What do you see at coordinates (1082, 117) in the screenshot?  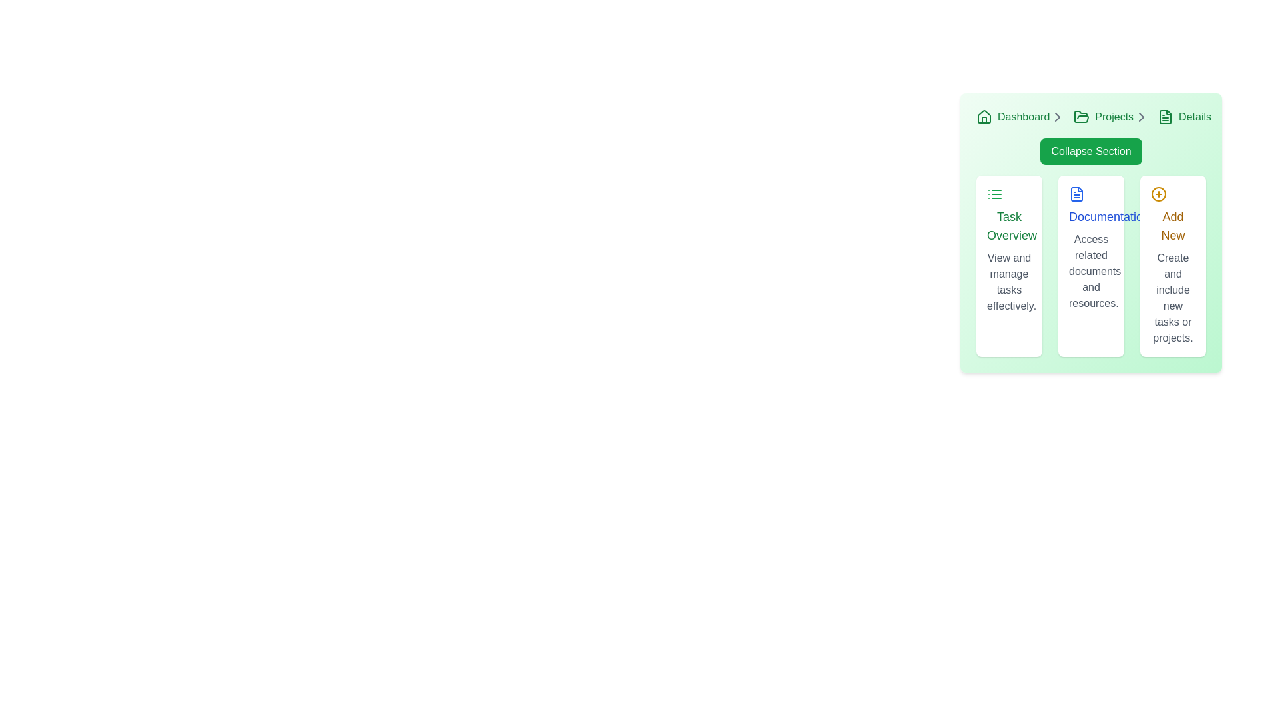 I see `the open folder icon with a green outline located in the breadcrumb navigation bar, positioned between the 'Dashboard' and 'Details' breadcrumbs` at bounding box center [1082, 117].